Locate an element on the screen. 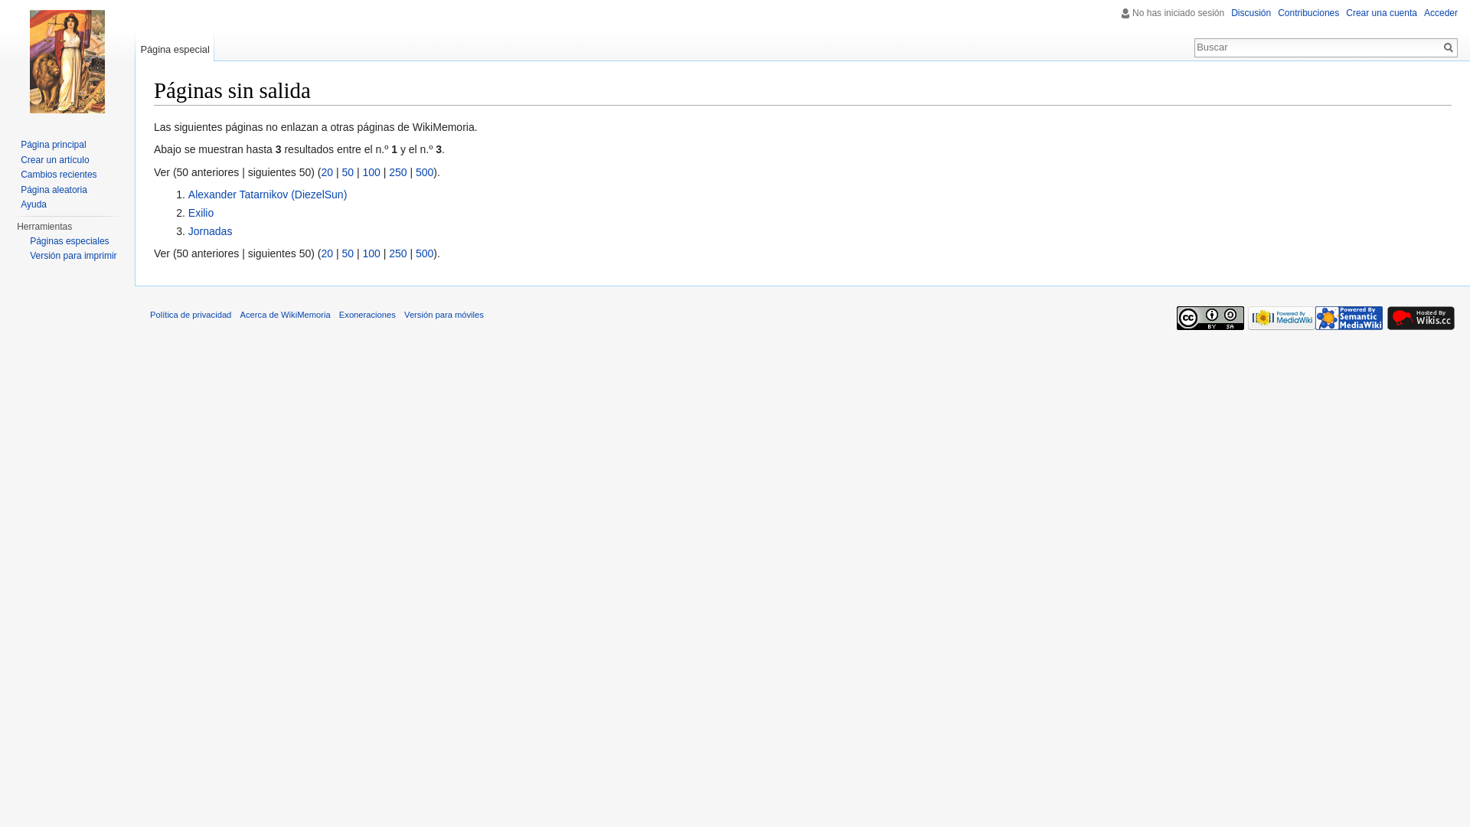 The image size is (1470, 827). 'Exoneraciones' is located at coordinates (367, 314).